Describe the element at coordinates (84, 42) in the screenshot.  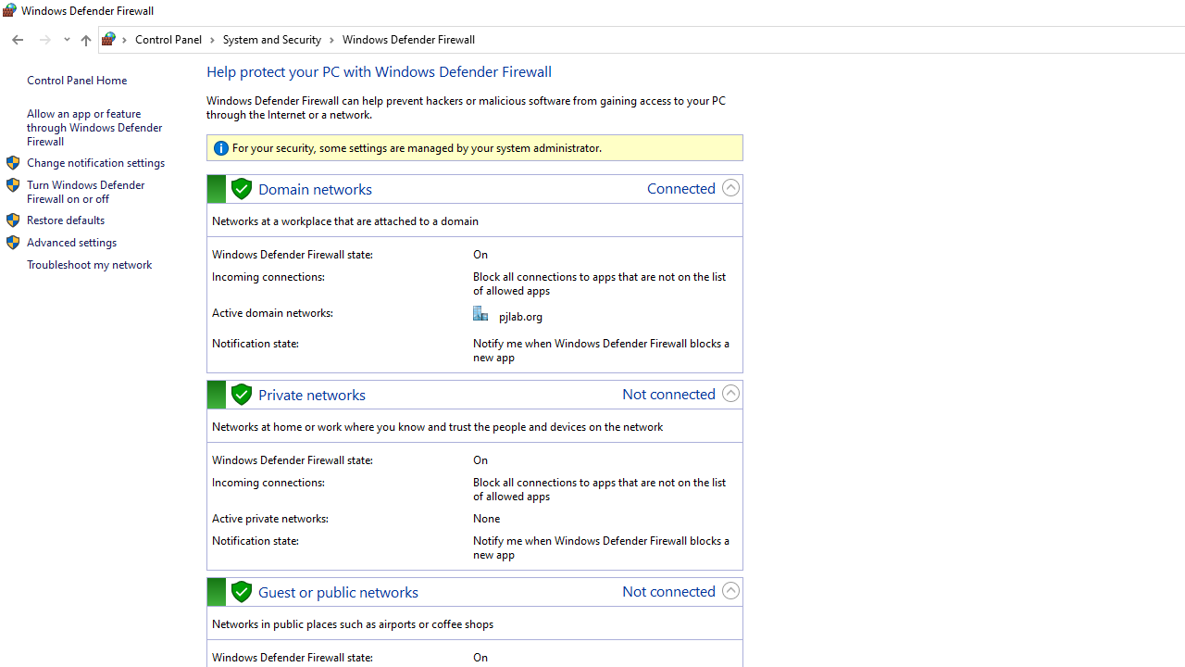
I see `'Up band toolbar'` at that location.